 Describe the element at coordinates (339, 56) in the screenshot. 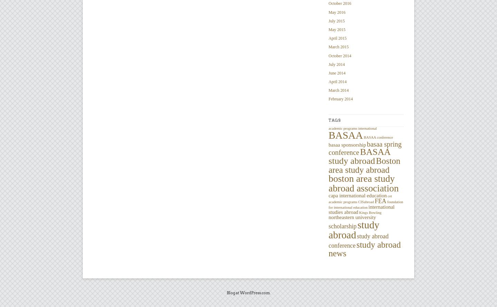

I see `'October 2014'` at that location.